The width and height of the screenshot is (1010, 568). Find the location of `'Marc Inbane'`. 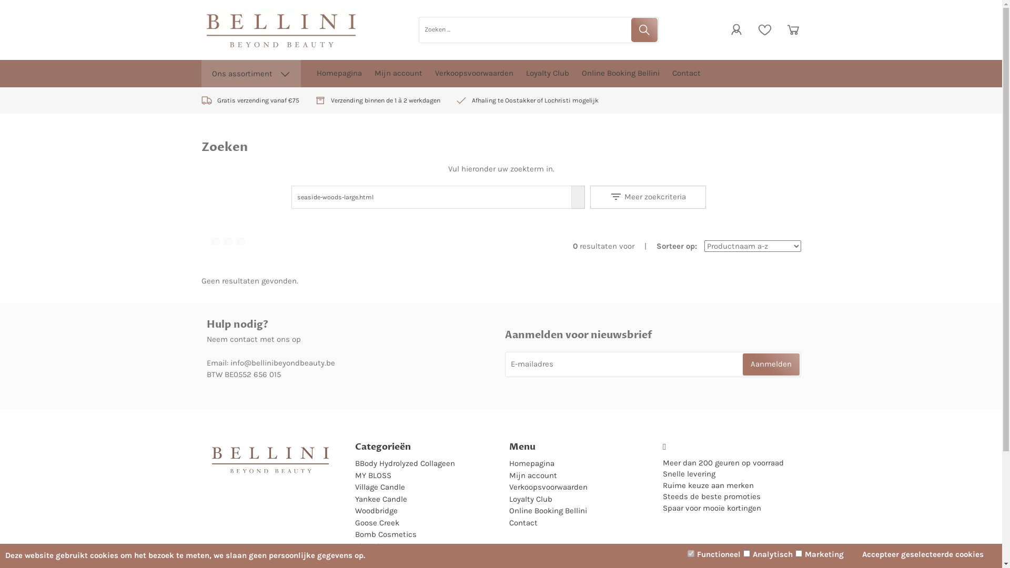

'Marc Inbane' is located at coordinates (377, 557).